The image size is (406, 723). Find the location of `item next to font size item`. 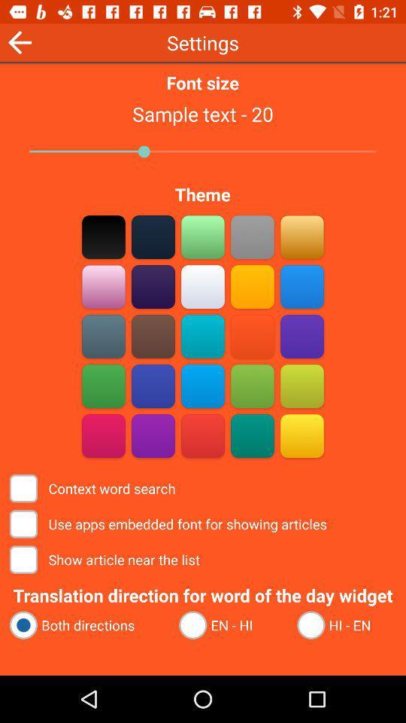

item next to font size item is located at coordinates (19, 41).